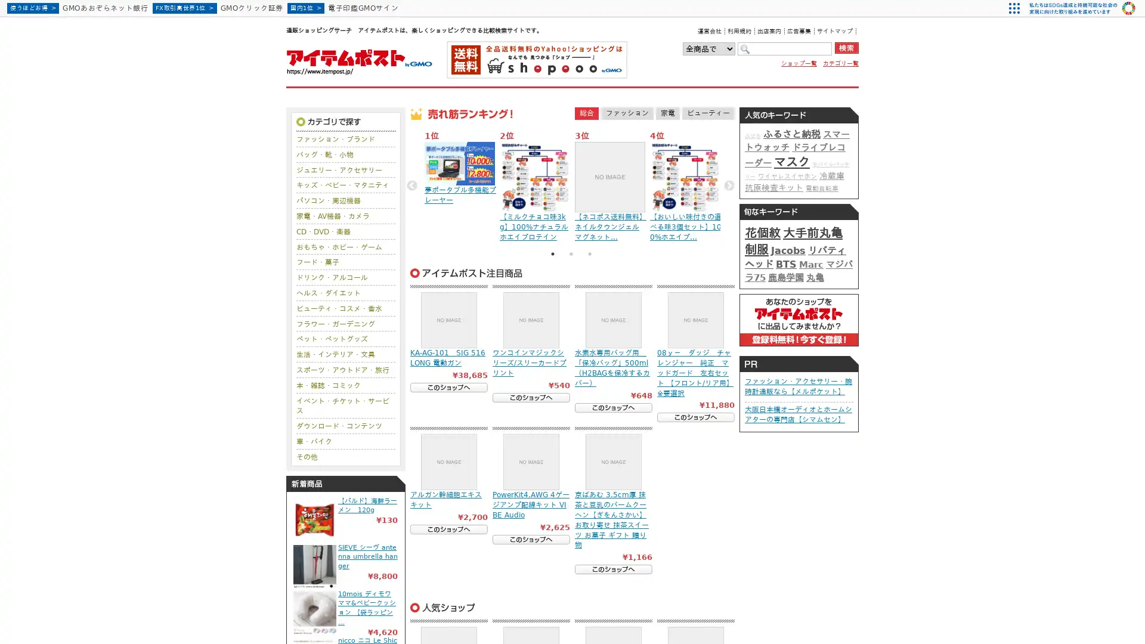  I want to click on 1, so click(552, 253).